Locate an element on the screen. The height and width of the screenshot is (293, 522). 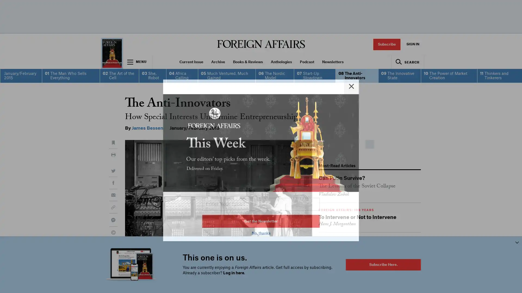
Toggle overflow menu navigation is located at coordinates (137, 62).